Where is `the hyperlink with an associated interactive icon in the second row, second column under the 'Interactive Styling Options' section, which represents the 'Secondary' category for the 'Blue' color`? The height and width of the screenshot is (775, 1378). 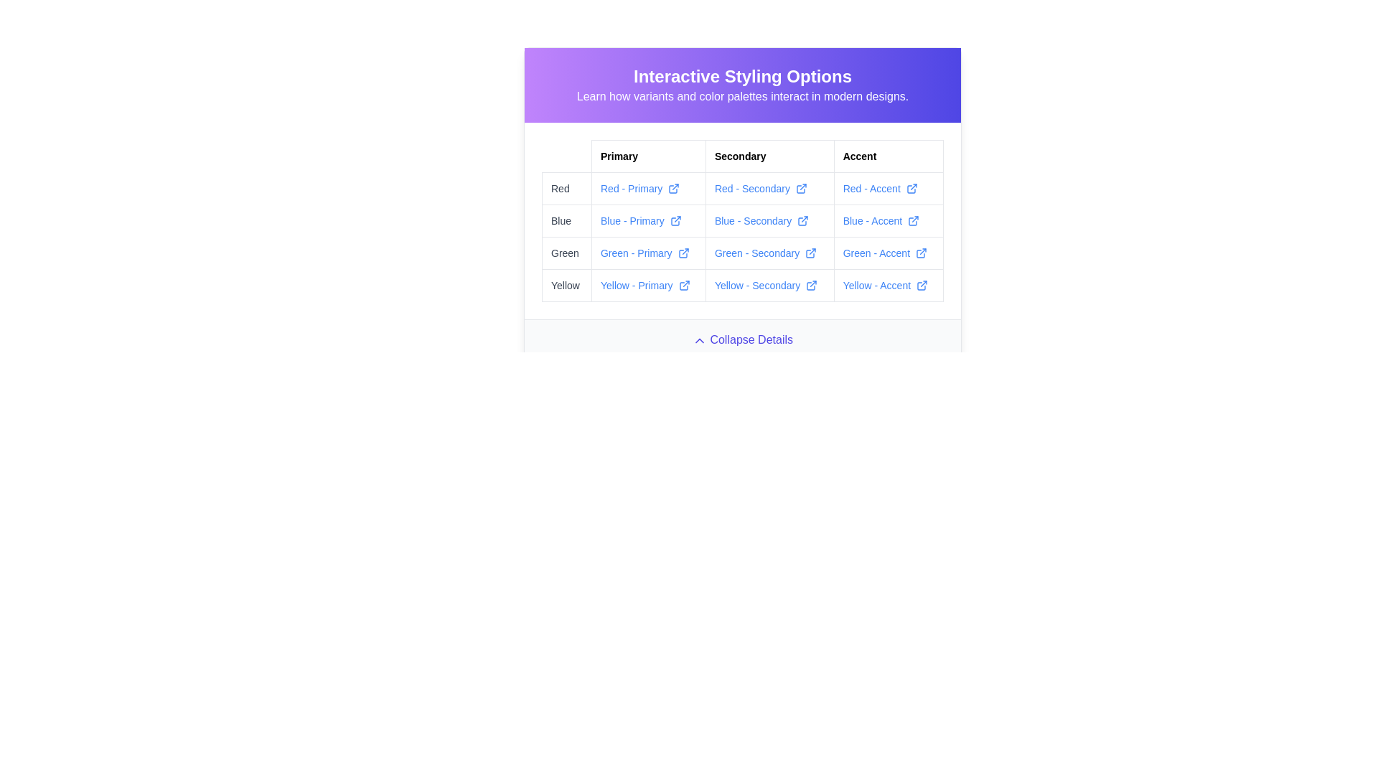 the hyperlink with an associated interactive icon in the second row, second column under the 'Interactive Styling Options' section, which represents the 'Secondary' category for the 'Blue' color is located at coordinates (743, 221).